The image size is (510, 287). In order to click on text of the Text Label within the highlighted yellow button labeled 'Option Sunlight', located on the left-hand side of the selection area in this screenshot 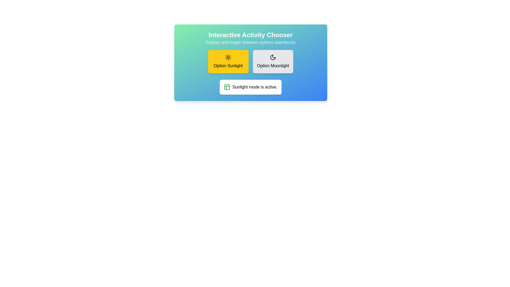, I will do `click(228, 65)`.